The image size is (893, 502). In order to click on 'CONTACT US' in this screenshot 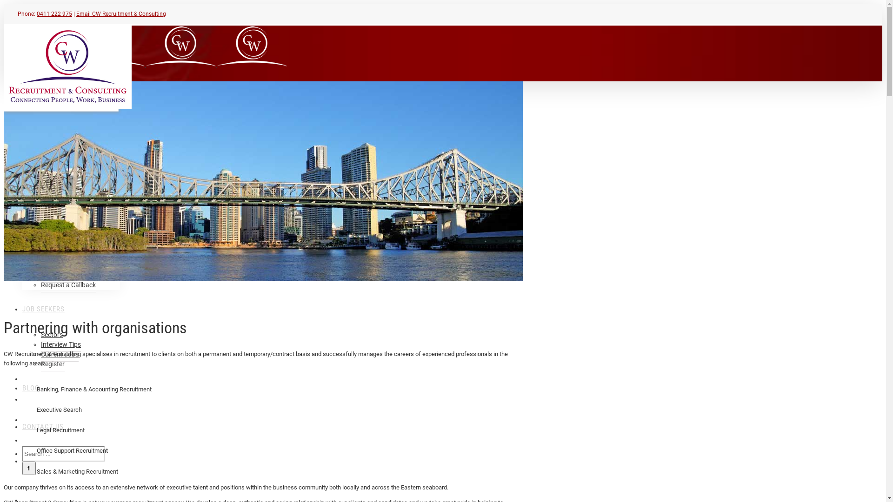, I will do `click(22, 426)`.